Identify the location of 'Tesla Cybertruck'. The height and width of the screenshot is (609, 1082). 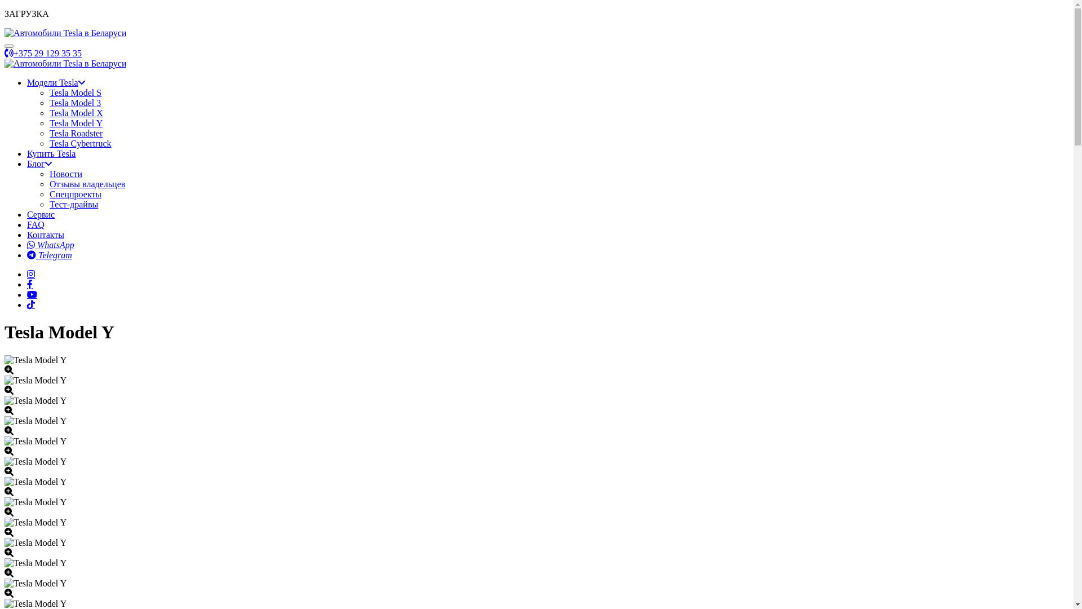
(80, 143).